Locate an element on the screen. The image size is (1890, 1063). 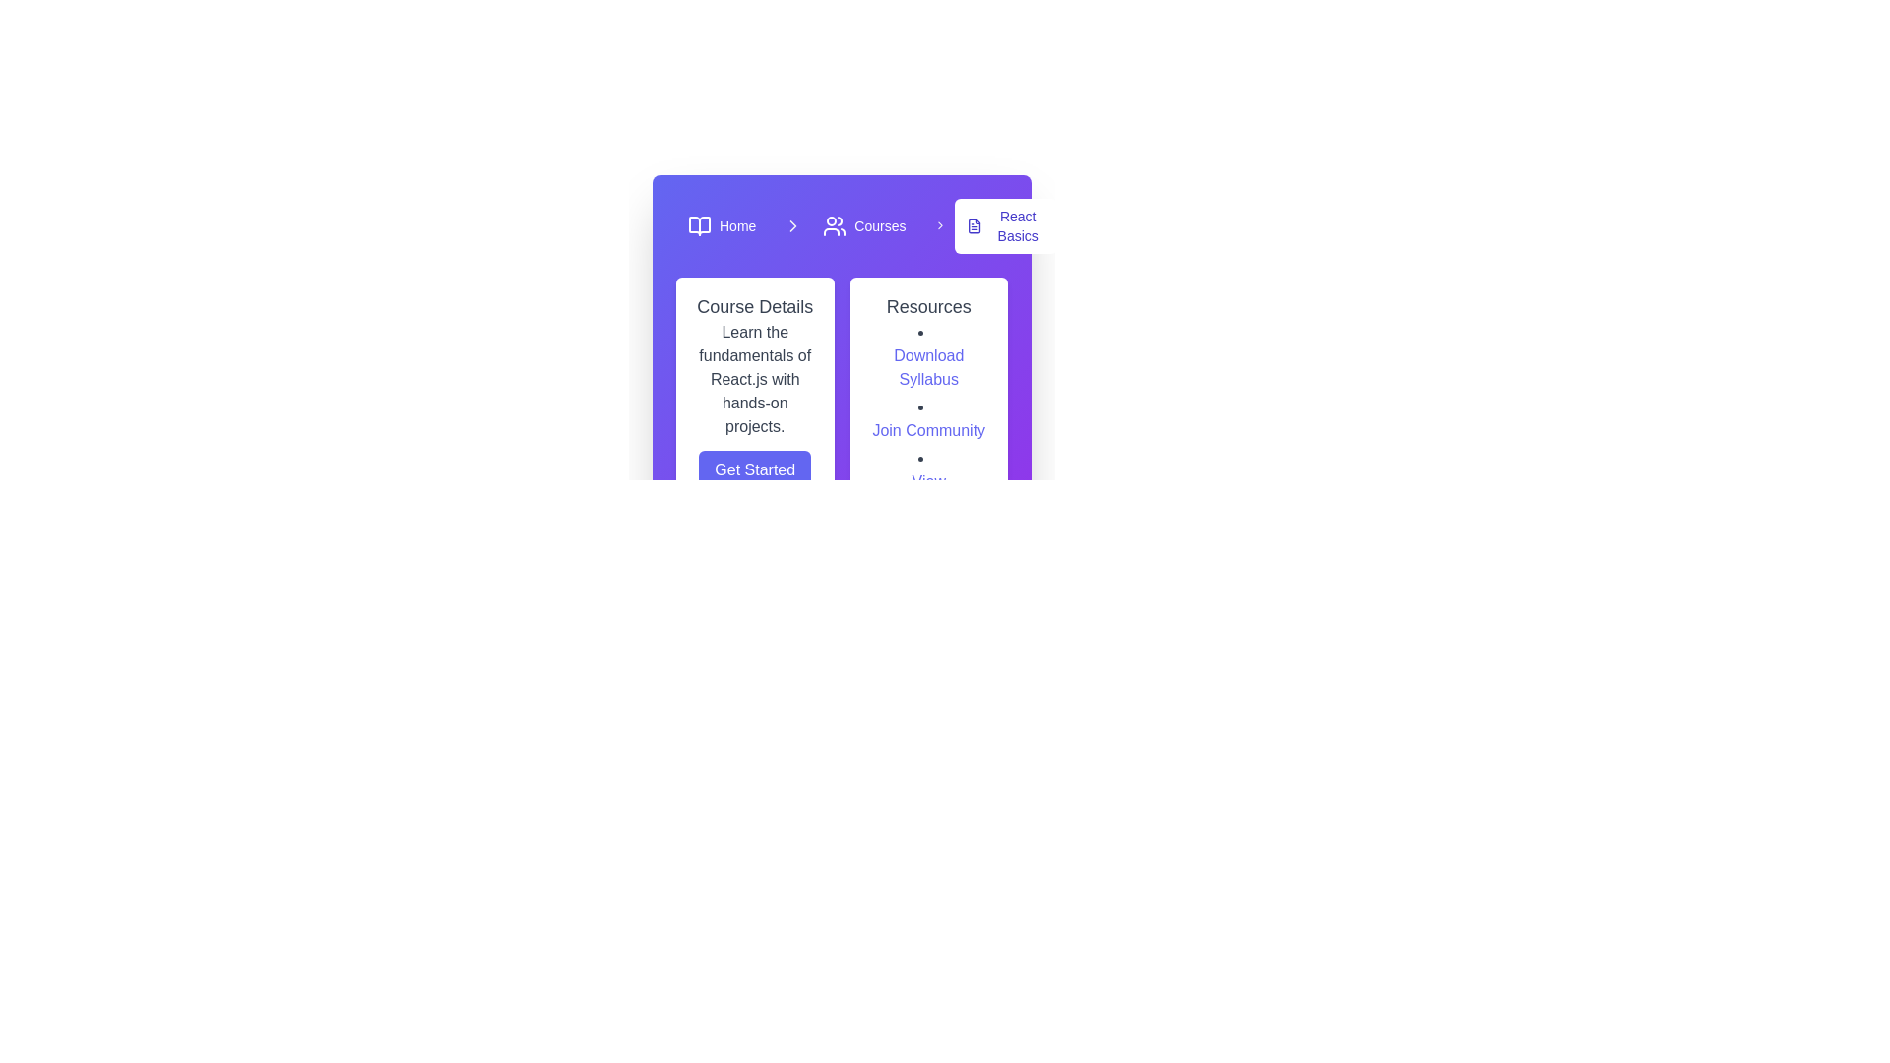
the static text label displaying 'Courses', which is part of the horizontal navigation bar located between the user icon and 'React Basics' is located at coordinates (879, 225).